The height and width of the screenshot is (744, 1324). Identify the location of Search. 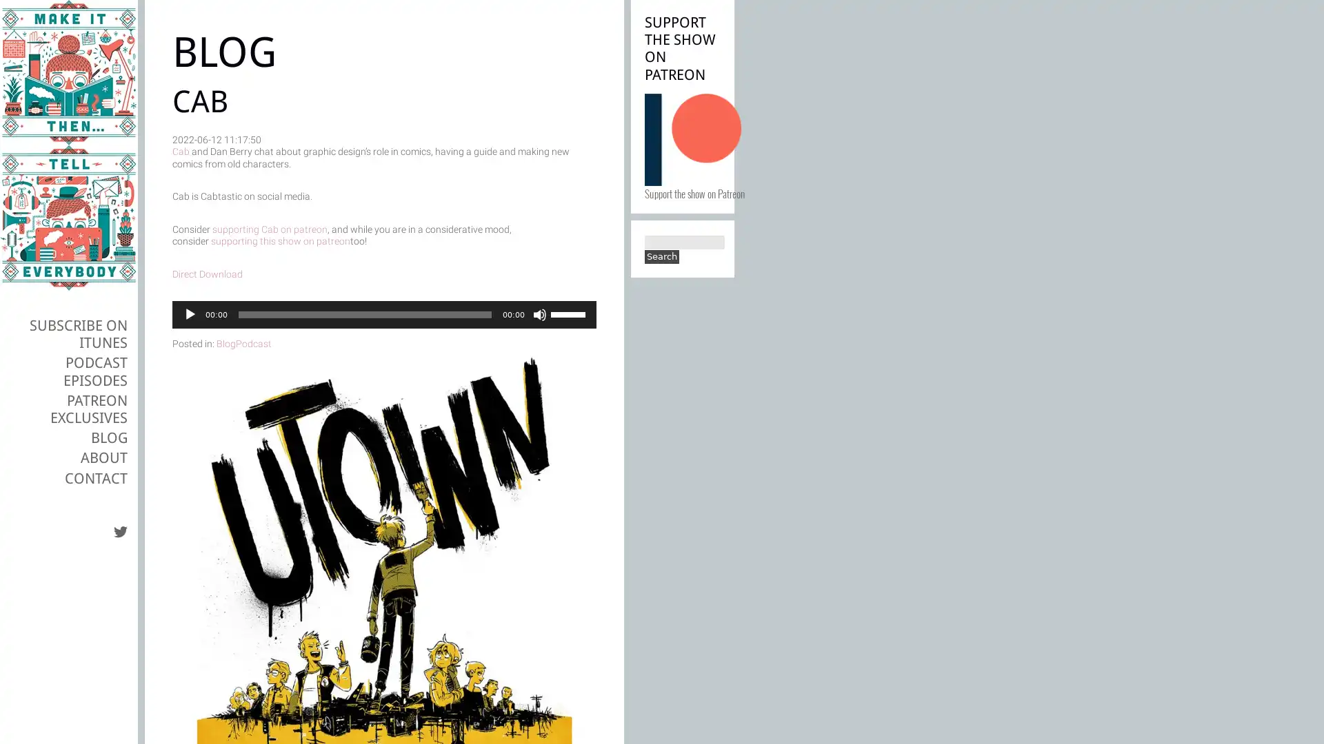
(662, 257).